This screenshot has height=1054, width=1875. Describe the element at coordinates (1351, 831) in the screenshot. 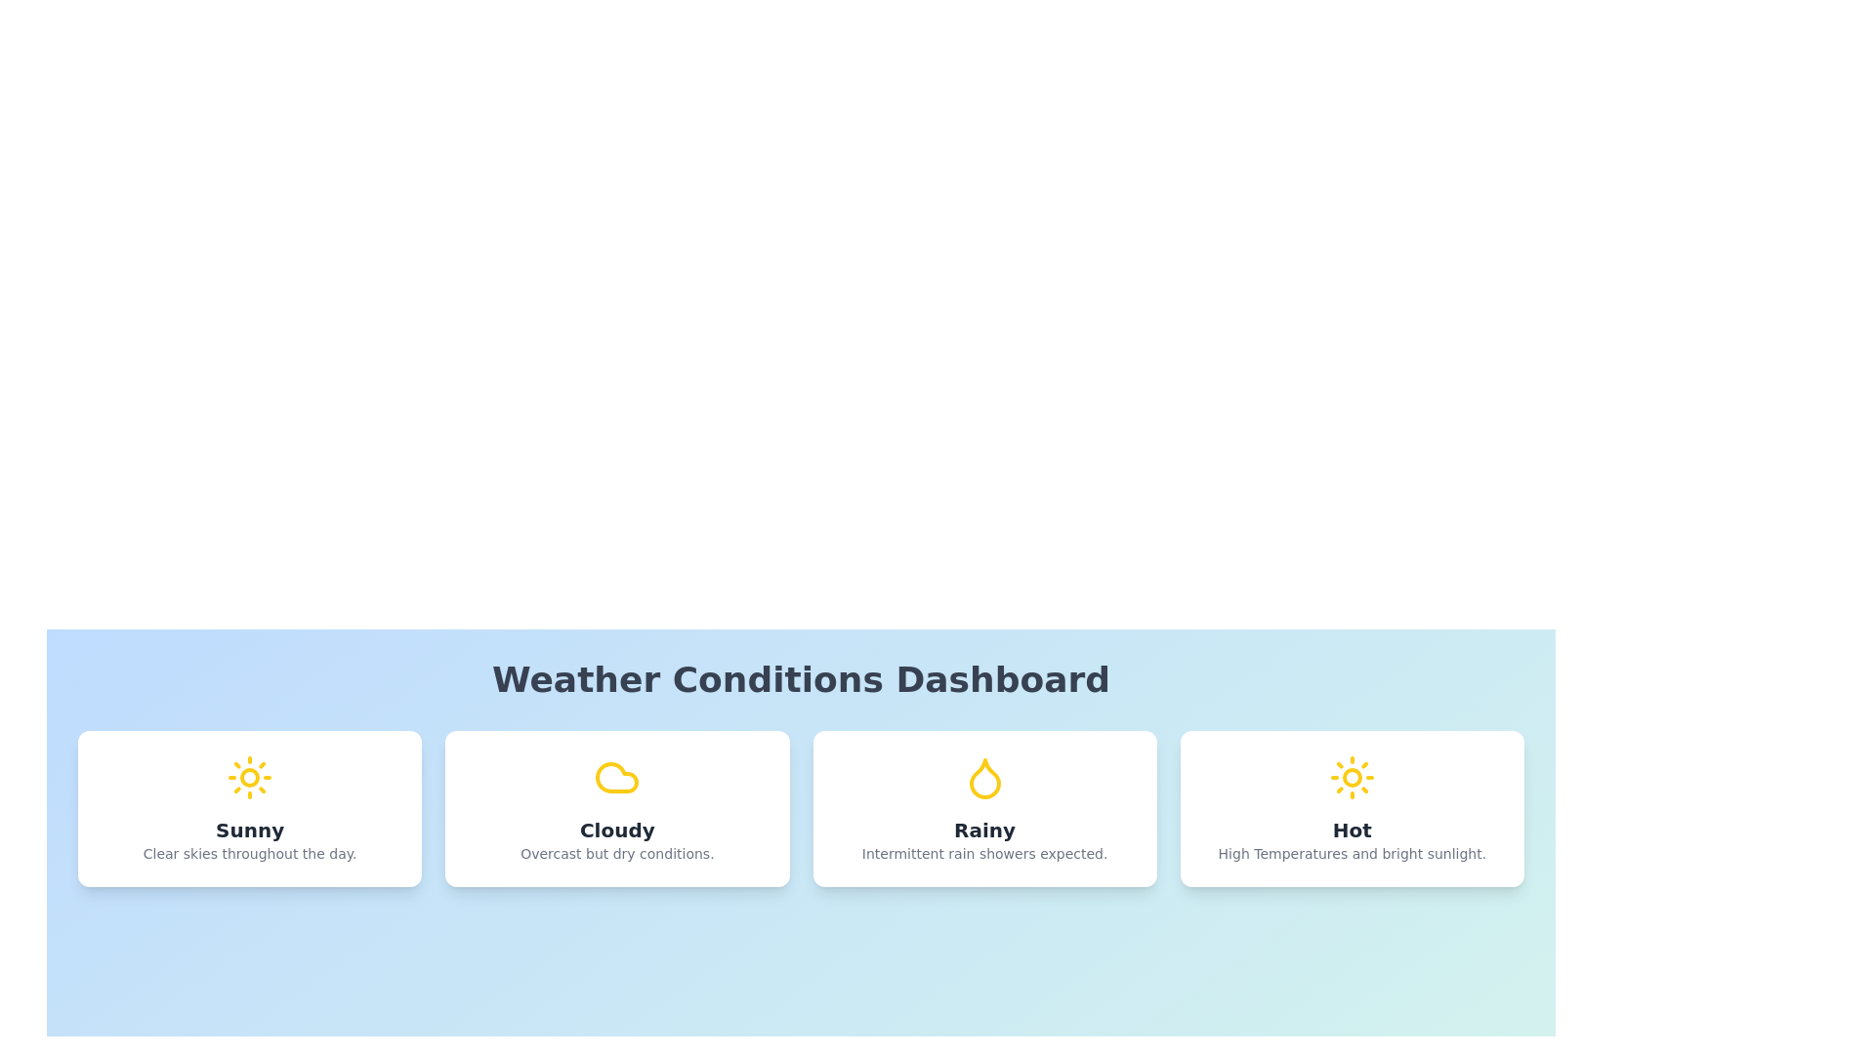

I see `label displaying the word 'Hot' in bold text, located in the fourth card from the left in the bottom row of the interface` at that location.